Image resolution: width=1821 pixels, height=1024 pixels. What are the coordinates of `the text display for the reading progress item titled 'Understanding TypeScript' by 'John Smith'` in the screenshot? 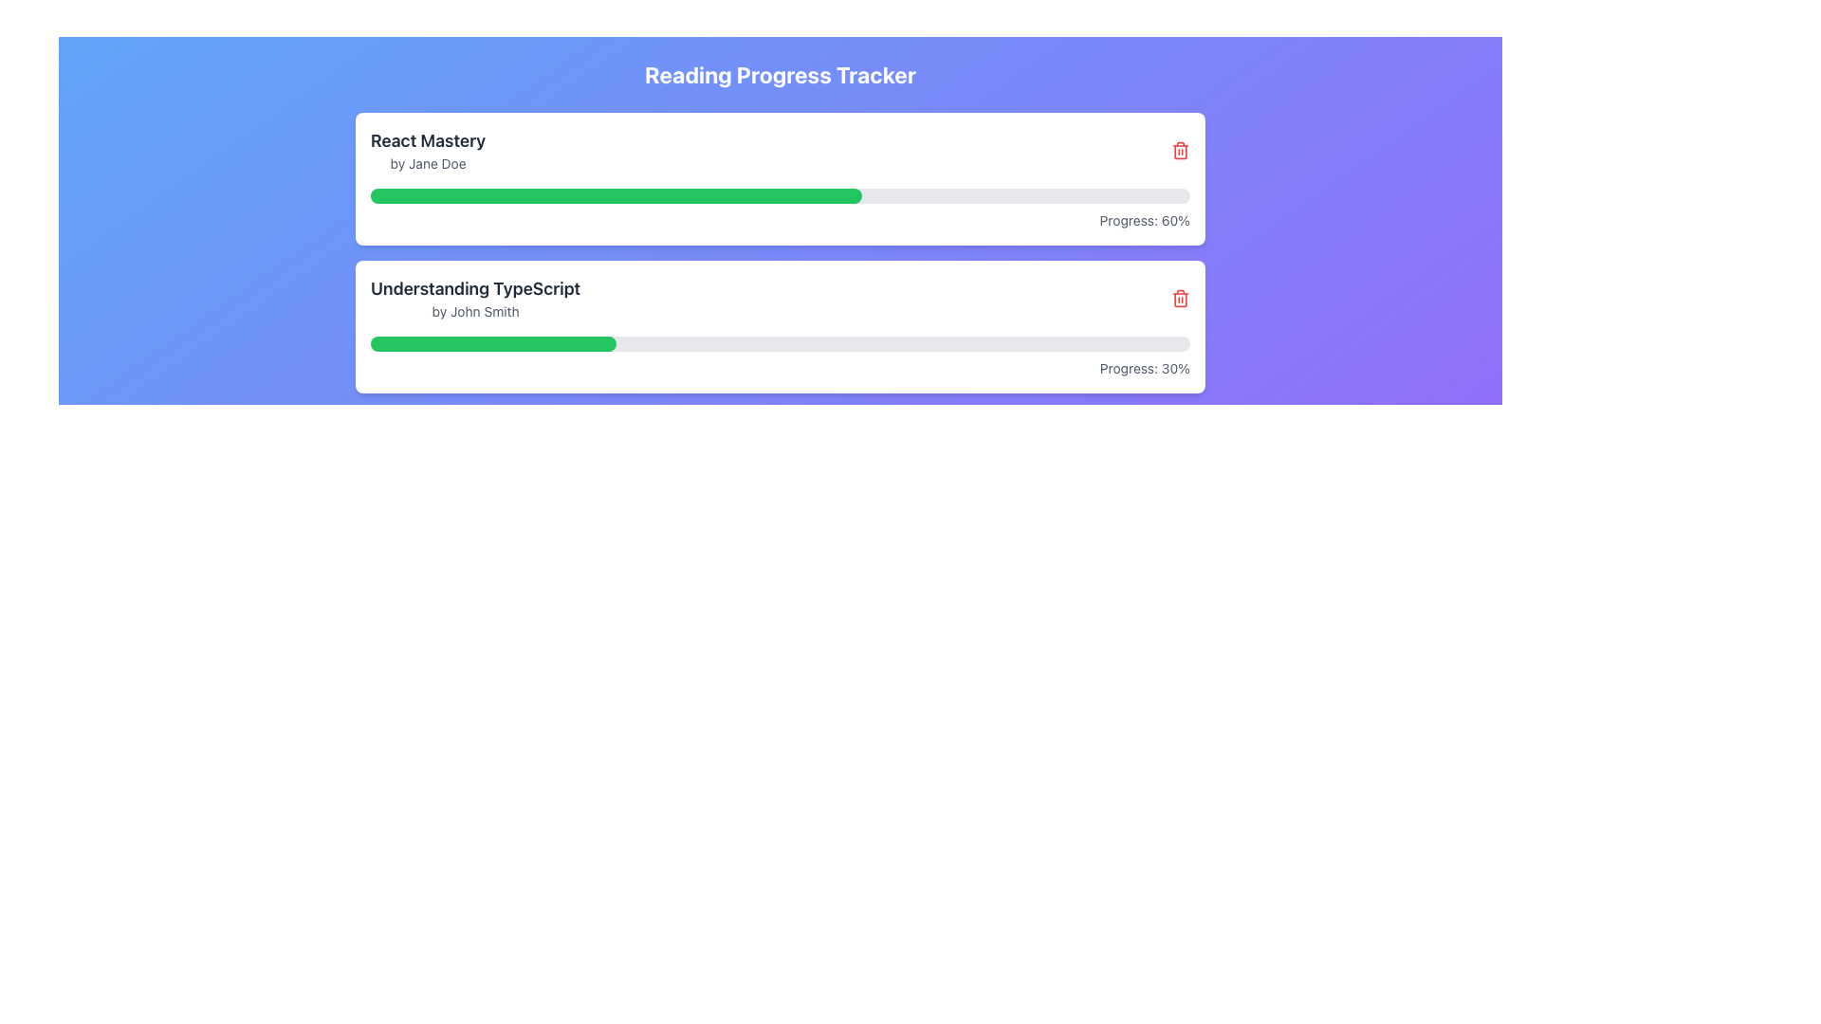 It's located at (475, 299).